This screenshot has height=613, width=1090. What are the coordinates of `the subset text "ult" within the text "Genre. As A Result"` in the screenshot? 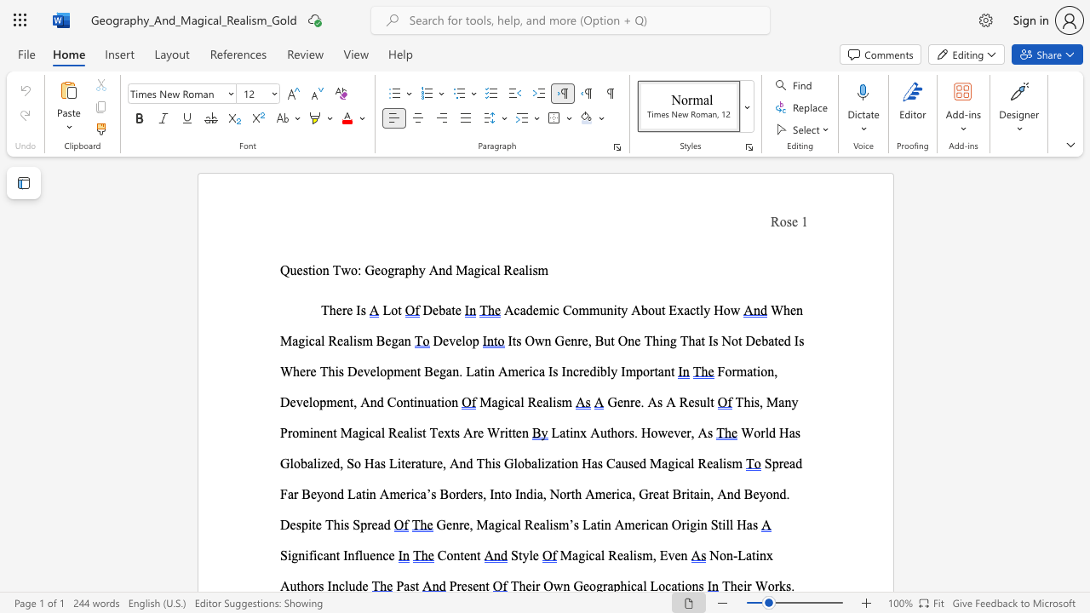 It's located at (699, 402).